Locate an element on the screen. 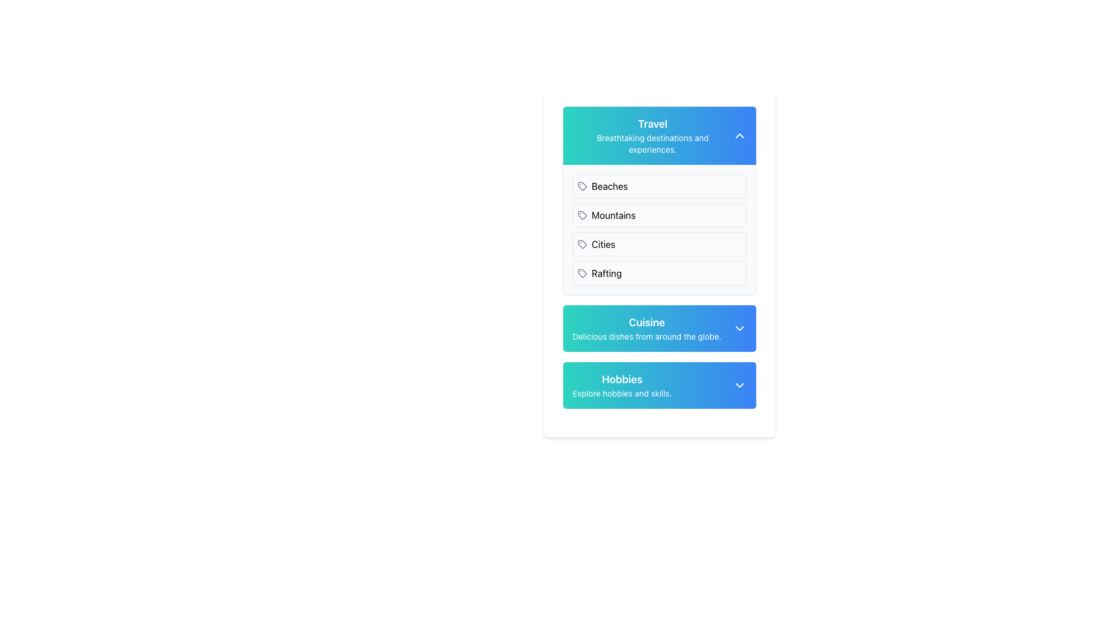  to interact with the Title and description header element of the 'Cuisine' section, located between 'Travel' and 'Hobbies' is located at coordinates (646, 329).